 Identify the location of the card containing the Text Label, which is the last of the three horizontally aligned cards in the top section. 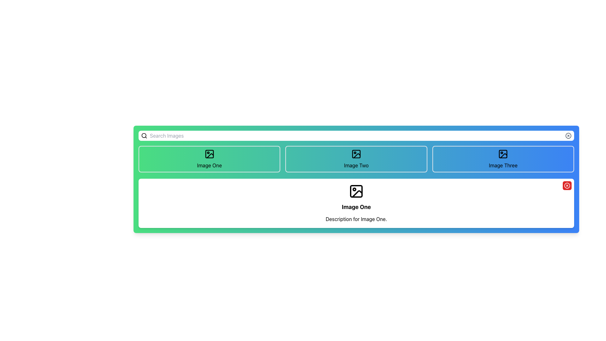
(503, 165).